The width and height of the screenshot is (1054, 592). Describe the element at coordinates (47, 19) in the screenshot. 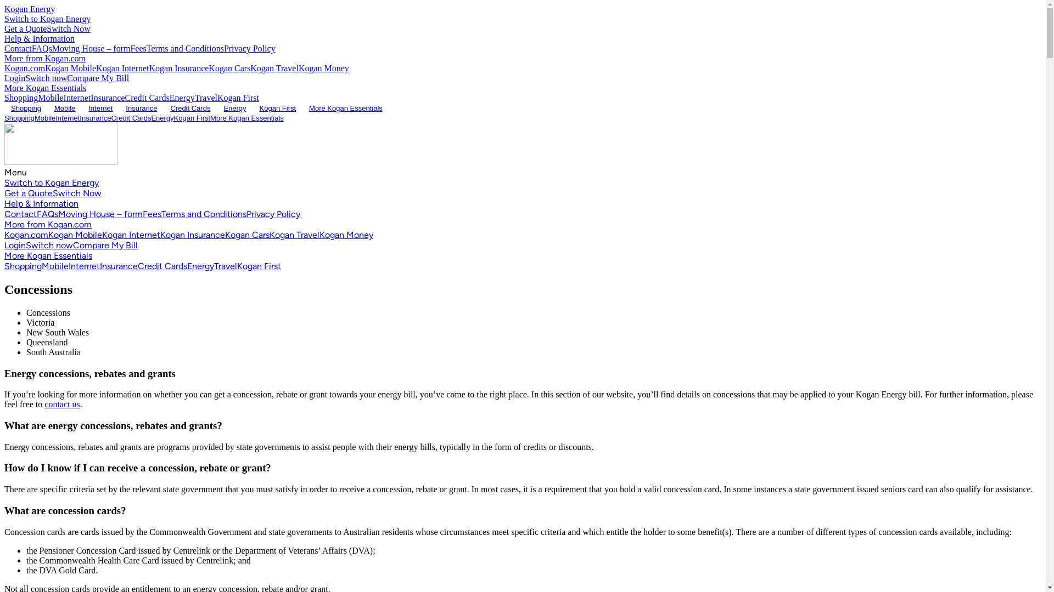

I see `'Switch to Kogan Energy'` at that location.